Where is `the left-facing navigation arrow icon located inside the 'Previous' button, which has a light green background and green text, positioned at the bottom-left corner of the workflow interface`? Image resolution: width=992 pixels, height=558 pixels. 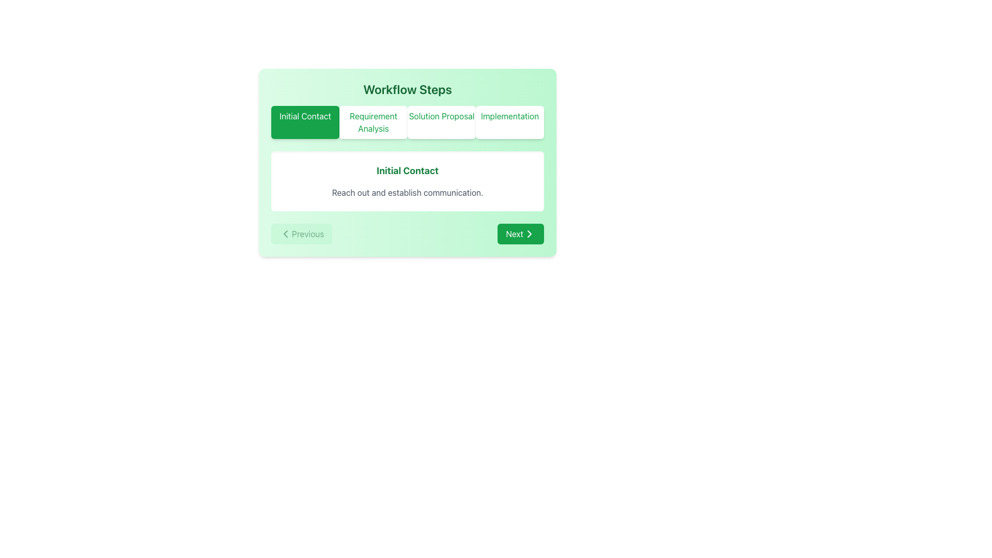
the left-facing navigation arrow icon located inside the 'Previous' button, which has a light green background and green text, positioned at the bottom-left corner of the workflow interface is located at coordinates (285, 234).